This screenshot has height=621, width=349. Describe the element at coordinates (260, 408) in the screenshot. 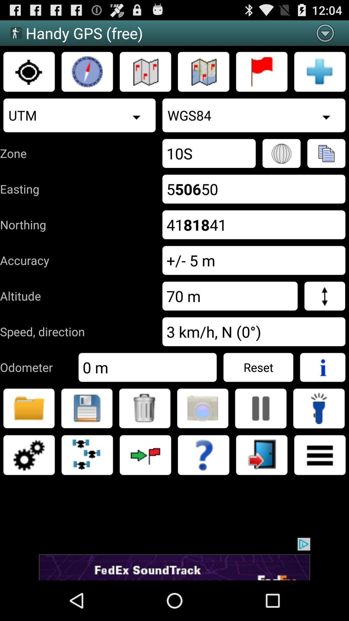

I see `press pause` at that location.